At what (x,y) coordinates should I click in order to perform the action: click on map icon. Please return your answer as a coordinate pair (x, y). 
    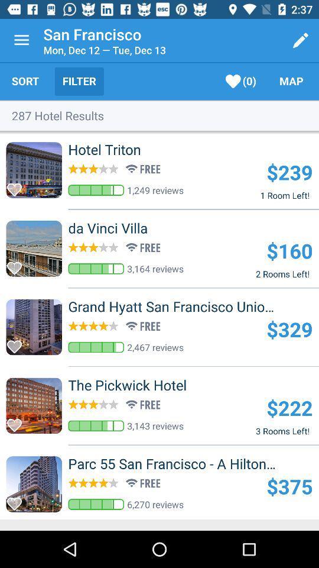
    Looking at the image, I should click on (291, 80).